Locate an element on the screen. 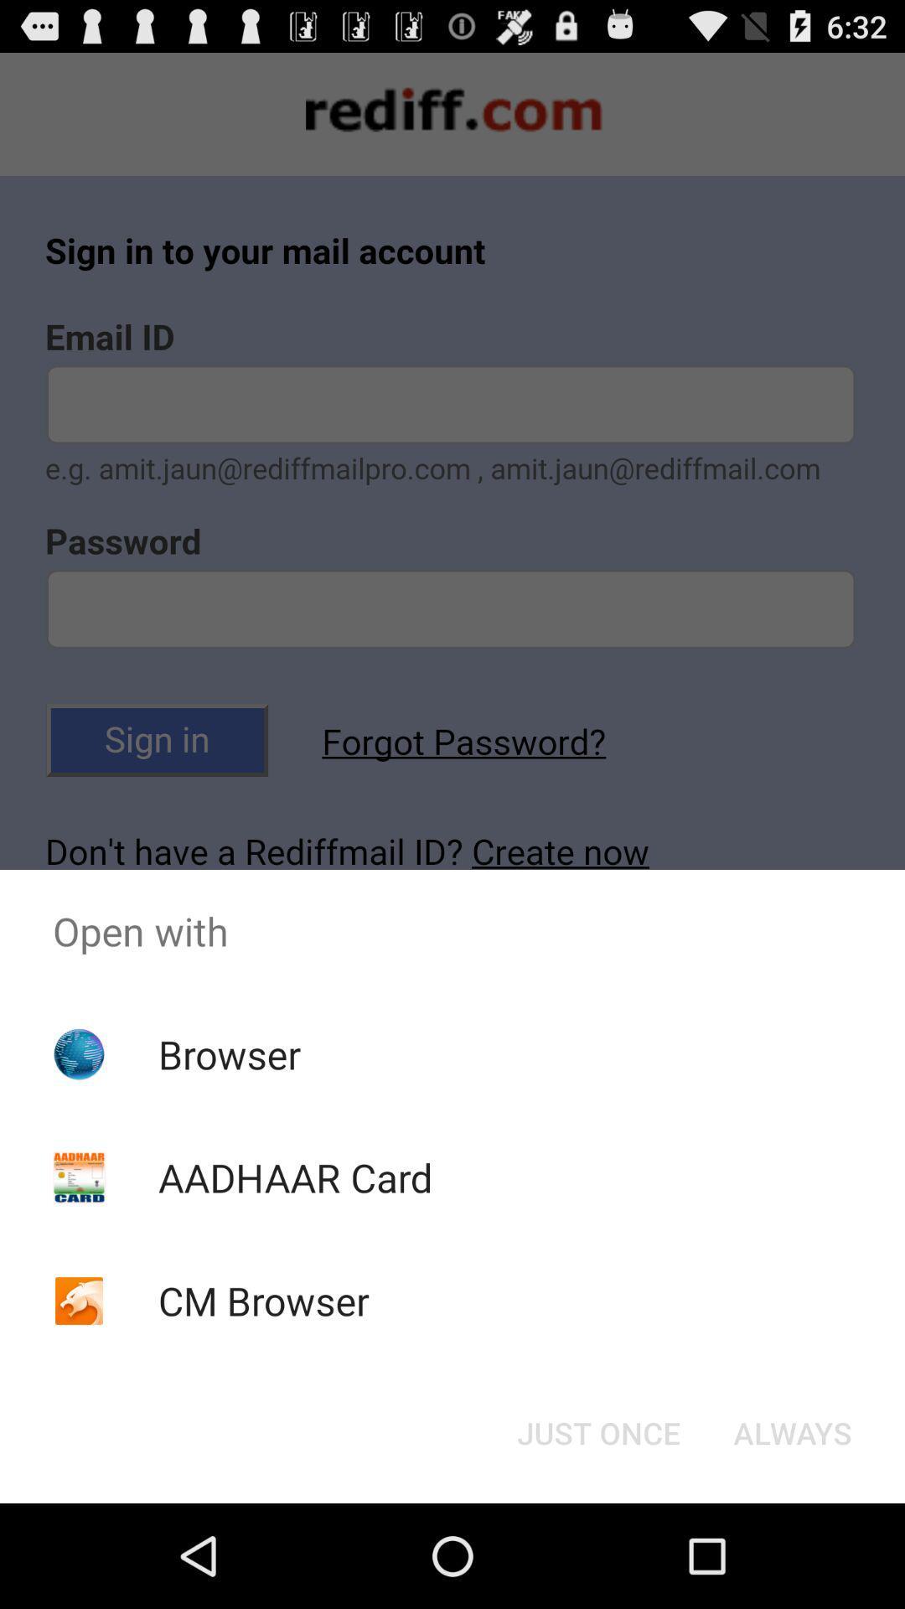  item at the bottom is located at coordinates (597, 1431).